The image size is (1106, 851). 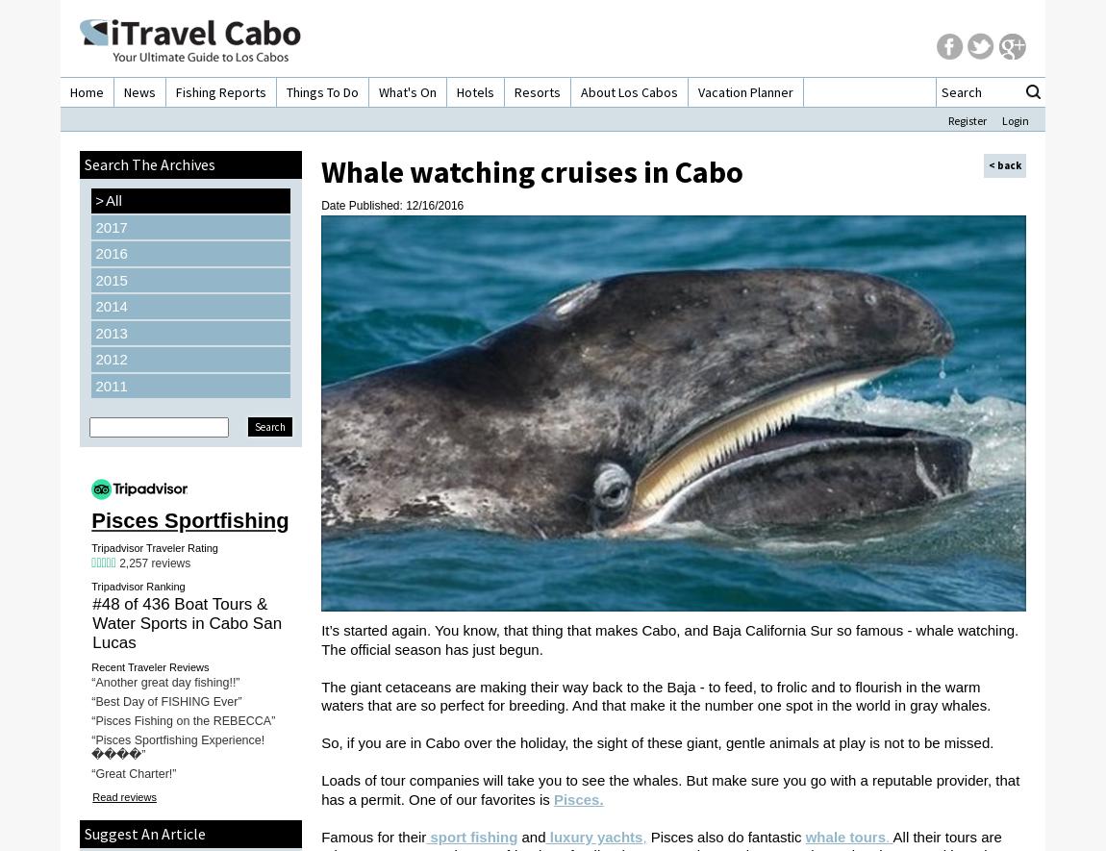 I want to click on 'Resorts', so click(x=538, y=92).